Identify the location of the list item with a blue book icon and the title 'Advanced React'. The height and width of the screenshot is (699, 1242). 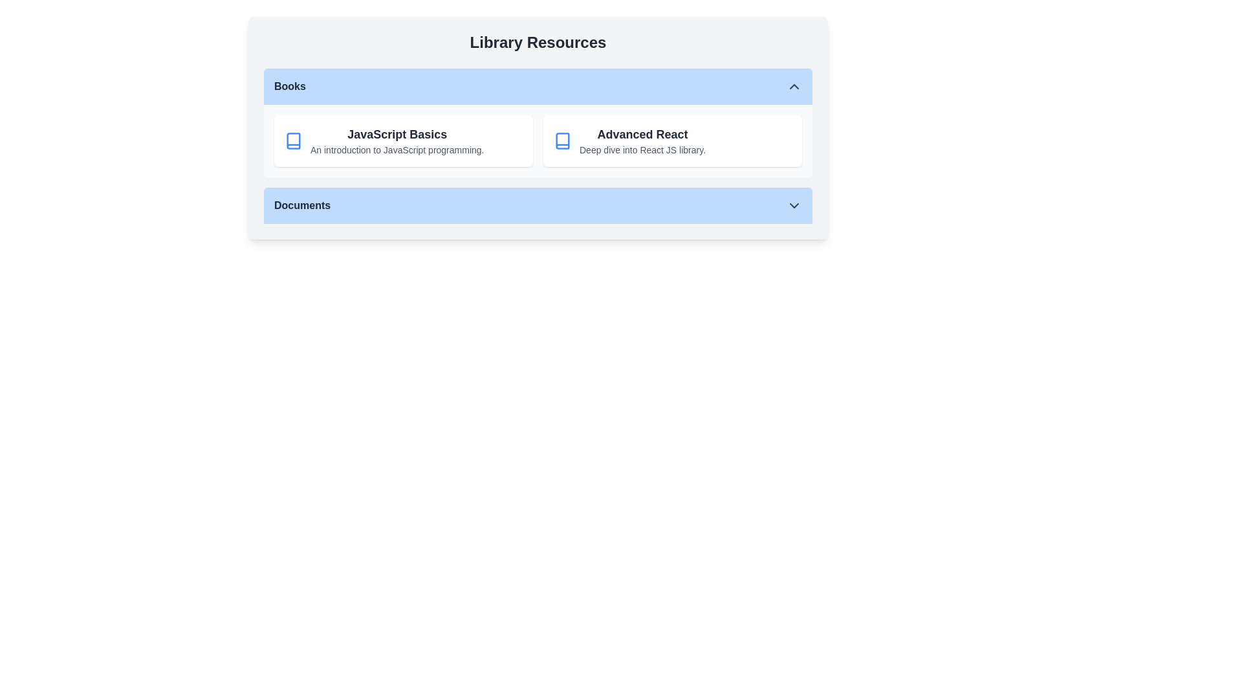
(673, 141).